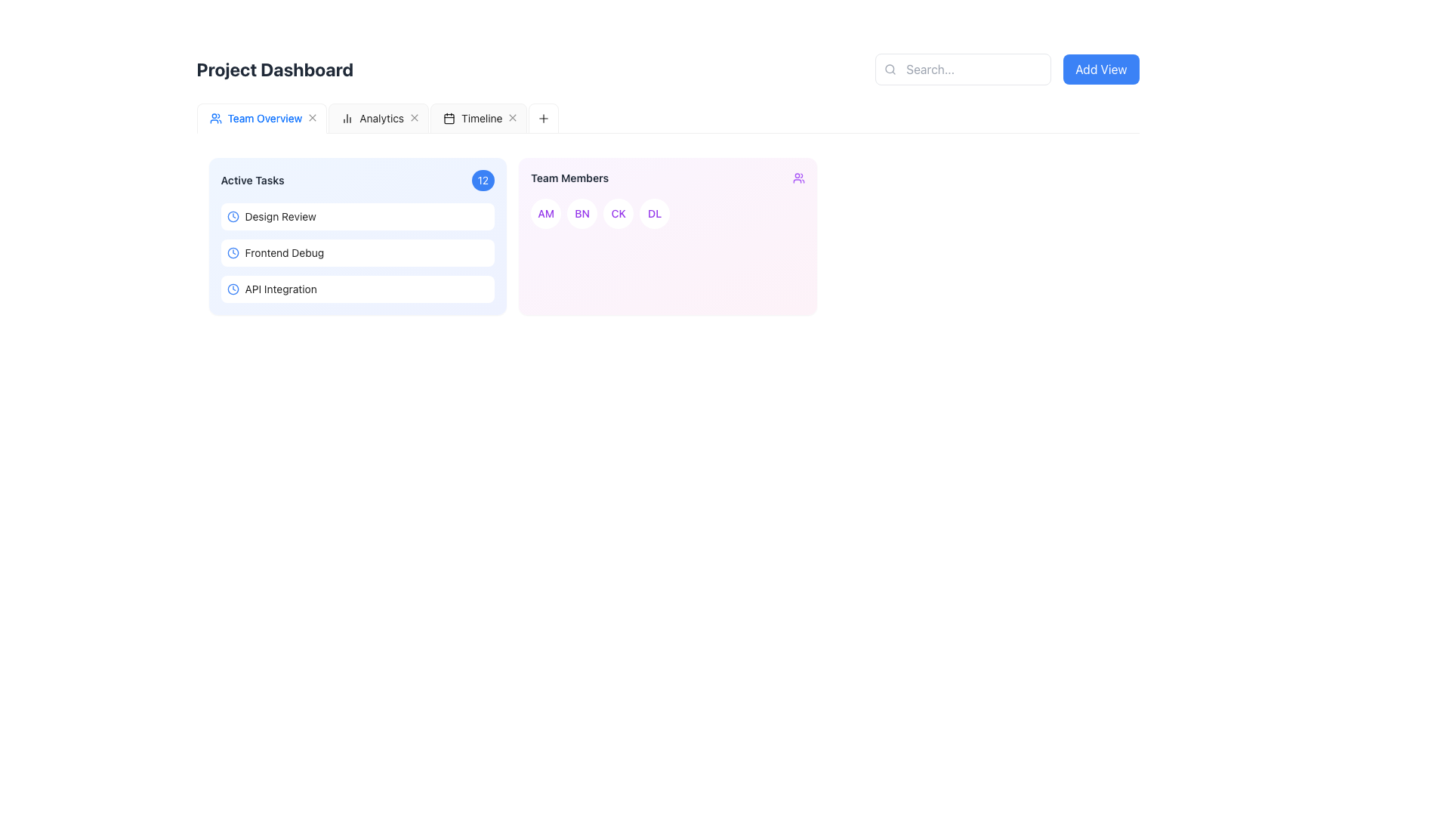  I want to click on the close icon button depicted as an 'X' shape located within the 'Team Overview' tab in the navigation bar, so click(312, 117).